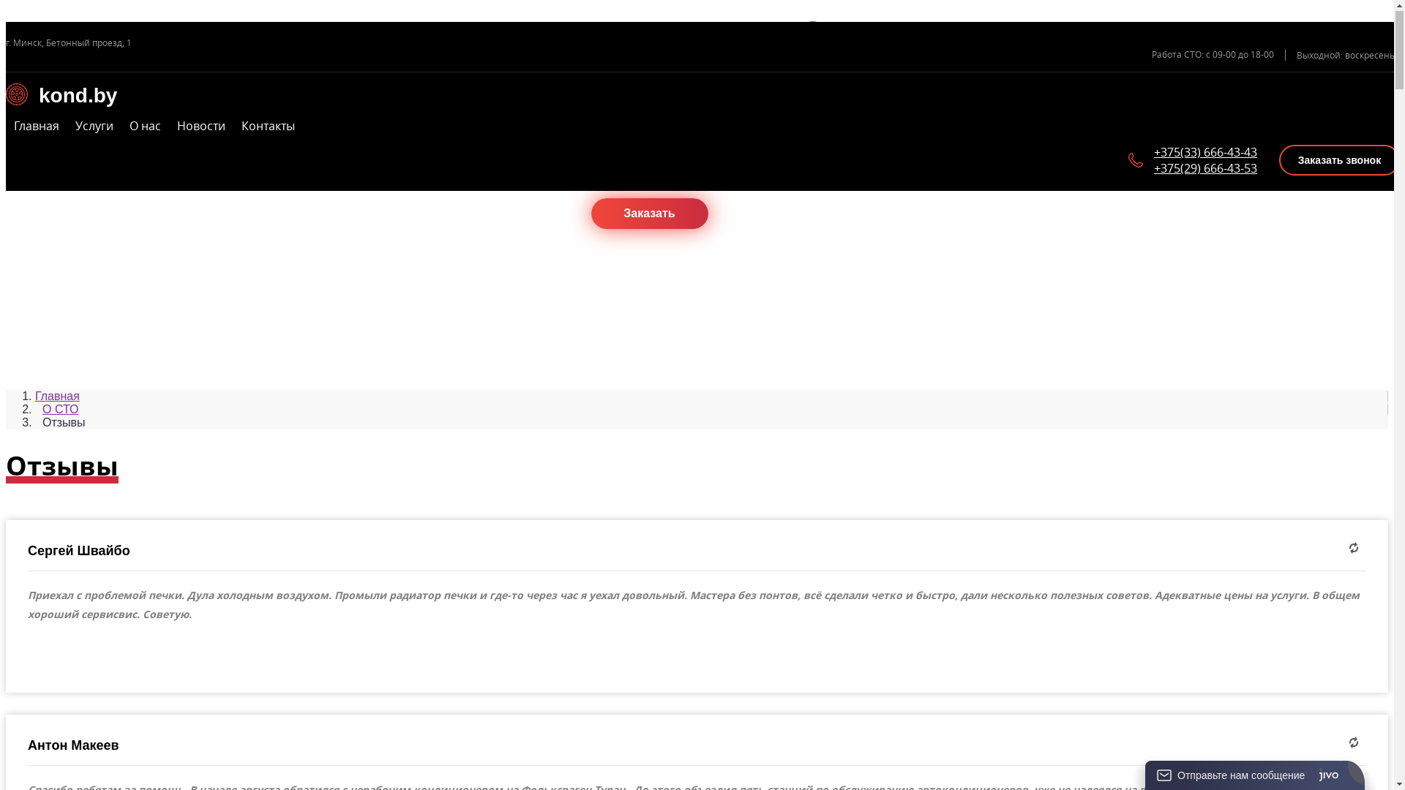 The height and width of the screenshot is (790, 1405). I want to click on '+375(33) 666-43-43', so click(1205, 152).